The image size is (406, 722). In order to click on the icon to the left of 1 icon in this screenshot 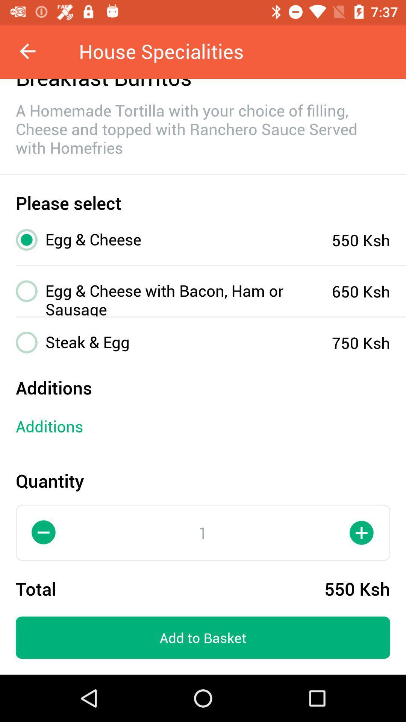, I will do `click(44, 532)`.